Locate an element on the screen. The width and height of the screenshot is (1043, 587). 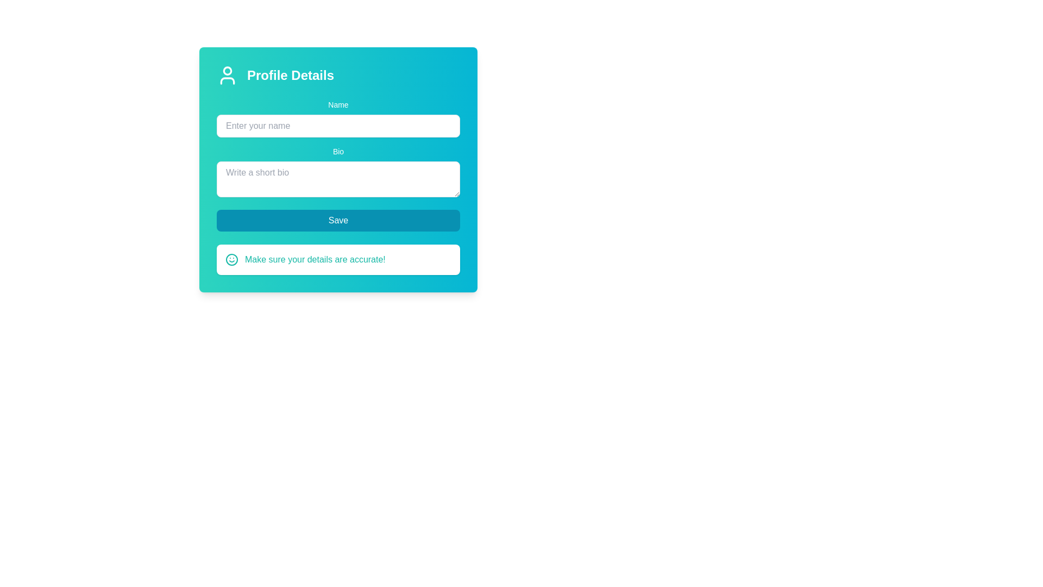
the 'Save' button, which is a wide rounded rectangular button with a cyan background and white text, located centrally at the bottom of the form fields is located at coordinates (338, 220).